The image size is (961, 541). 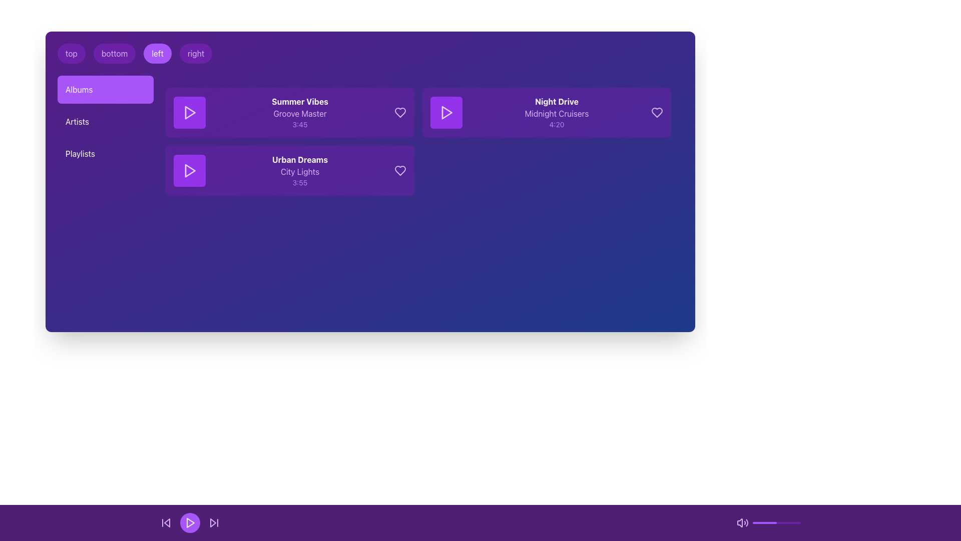 I want to click on the volume level, so click(x=760, y=522).